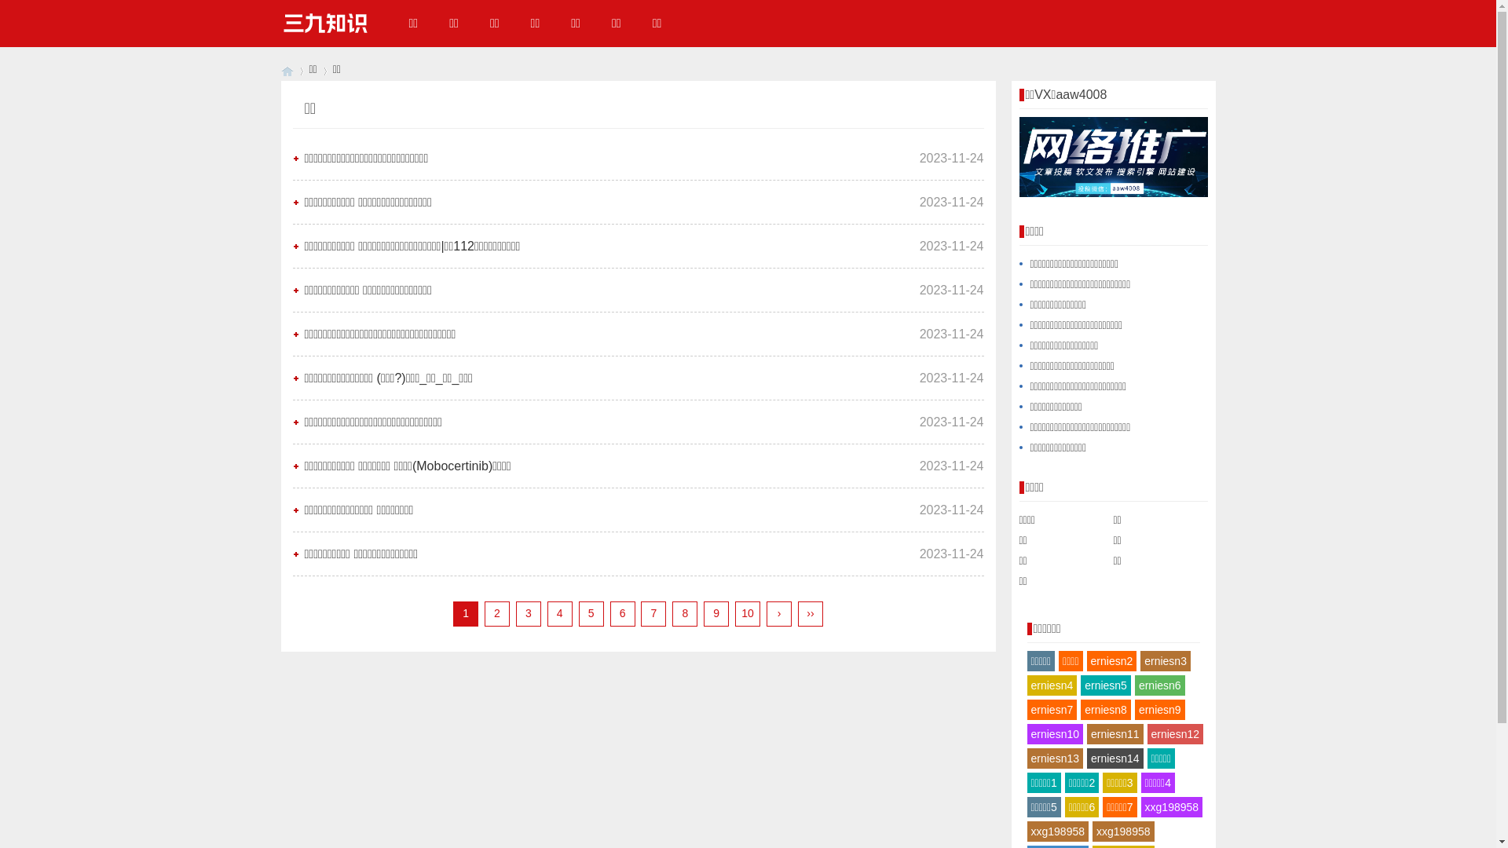 The height and width of the screenshot is (848, 1508). Describe the element at coordinates (1052, 709) in the screenshot. I see `'erniesn7'` at that location.